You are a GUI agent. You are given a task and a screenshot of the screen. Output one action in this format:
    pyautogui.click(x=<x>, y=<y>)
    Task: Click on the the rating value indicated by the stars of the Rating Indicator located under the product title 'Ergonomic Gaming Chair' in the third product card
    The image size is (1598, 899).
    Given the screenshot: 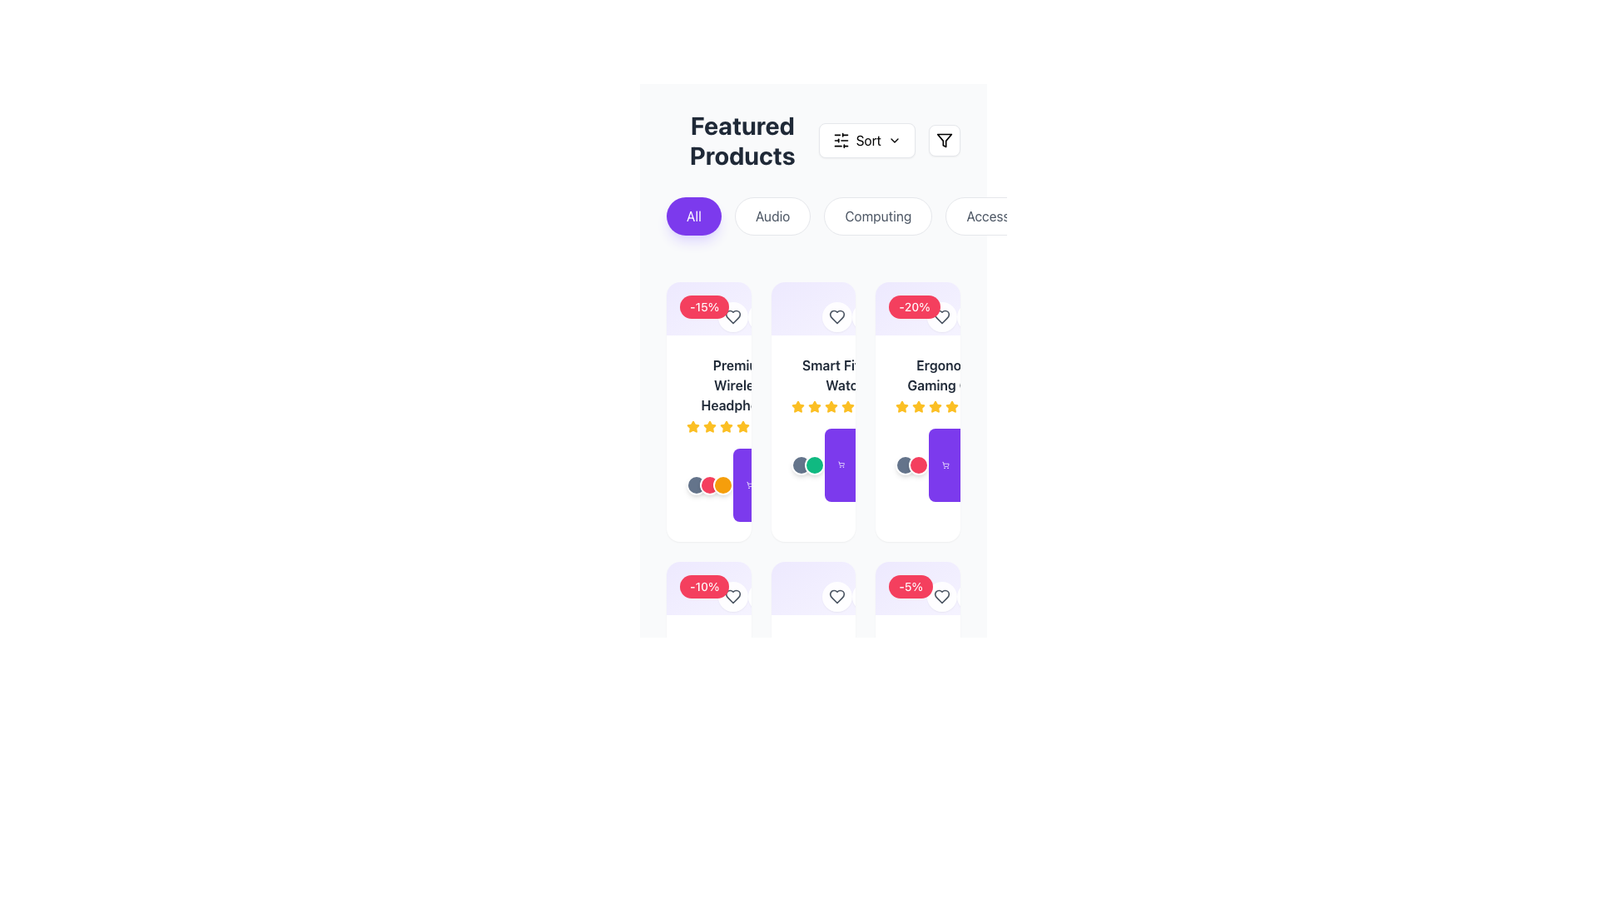 What is the action you would take?
    pyautogui.click(x=950, y=407)
    